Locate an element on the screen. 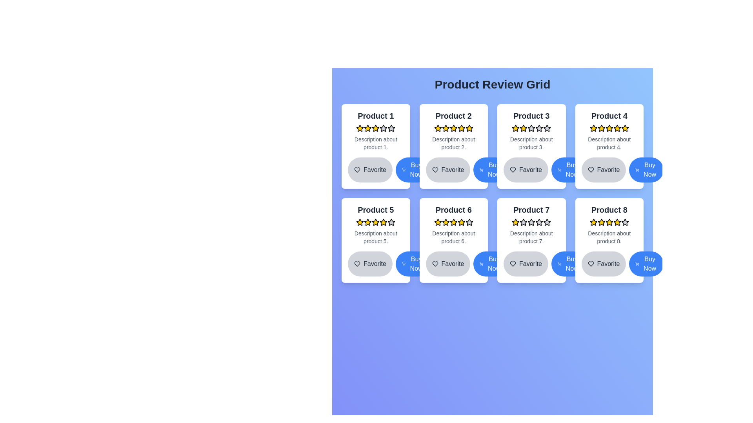 This screenshot has width=753, height=423. the fourth yellow star icon in the 5-star rating row for Product 8 is located at coordinates (609, 222).